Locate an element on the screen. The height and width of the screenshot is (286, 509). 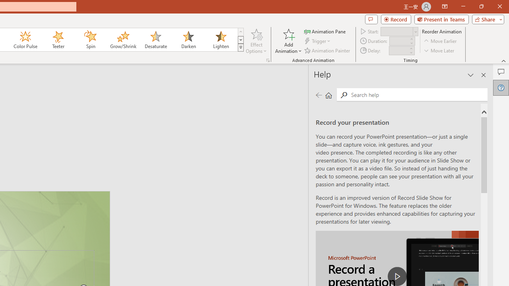
'Move Earlier' is located at coordinates (440, 41).